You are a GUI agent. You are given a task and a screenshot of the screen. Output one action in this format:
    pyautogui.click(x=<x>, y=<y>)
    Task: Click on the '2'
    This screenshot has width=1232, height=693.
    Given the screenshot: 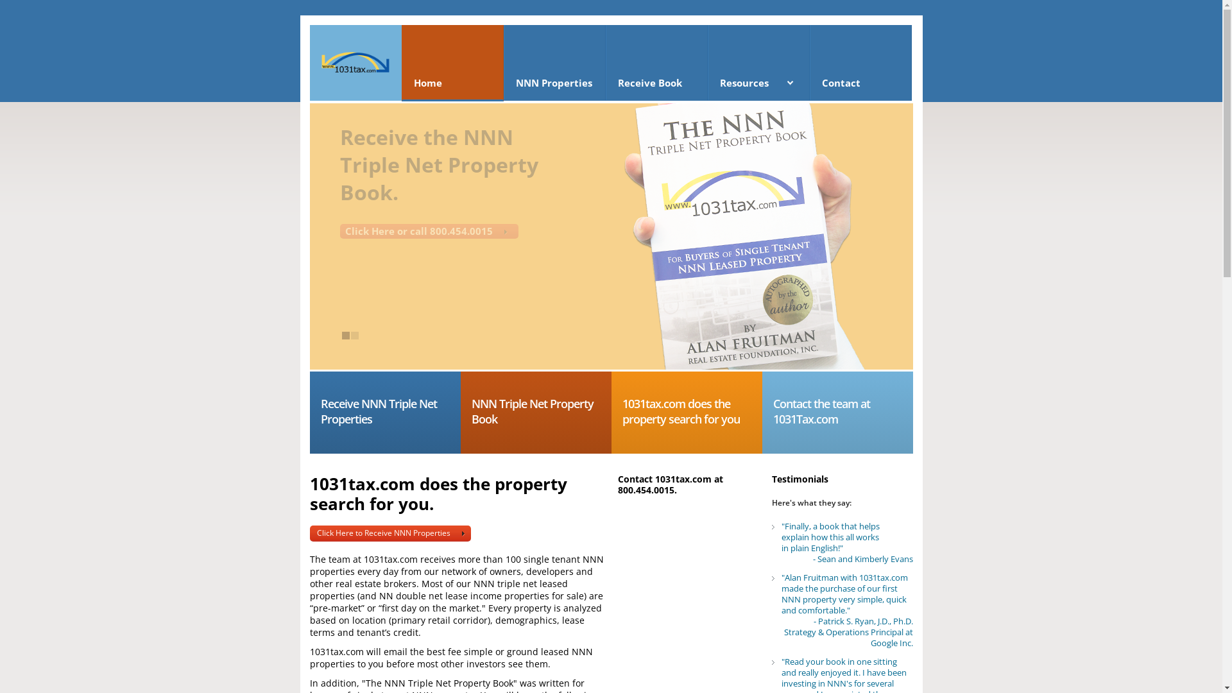 What is the action you would take?
    pyautogui.click(x=350, y=335)
    